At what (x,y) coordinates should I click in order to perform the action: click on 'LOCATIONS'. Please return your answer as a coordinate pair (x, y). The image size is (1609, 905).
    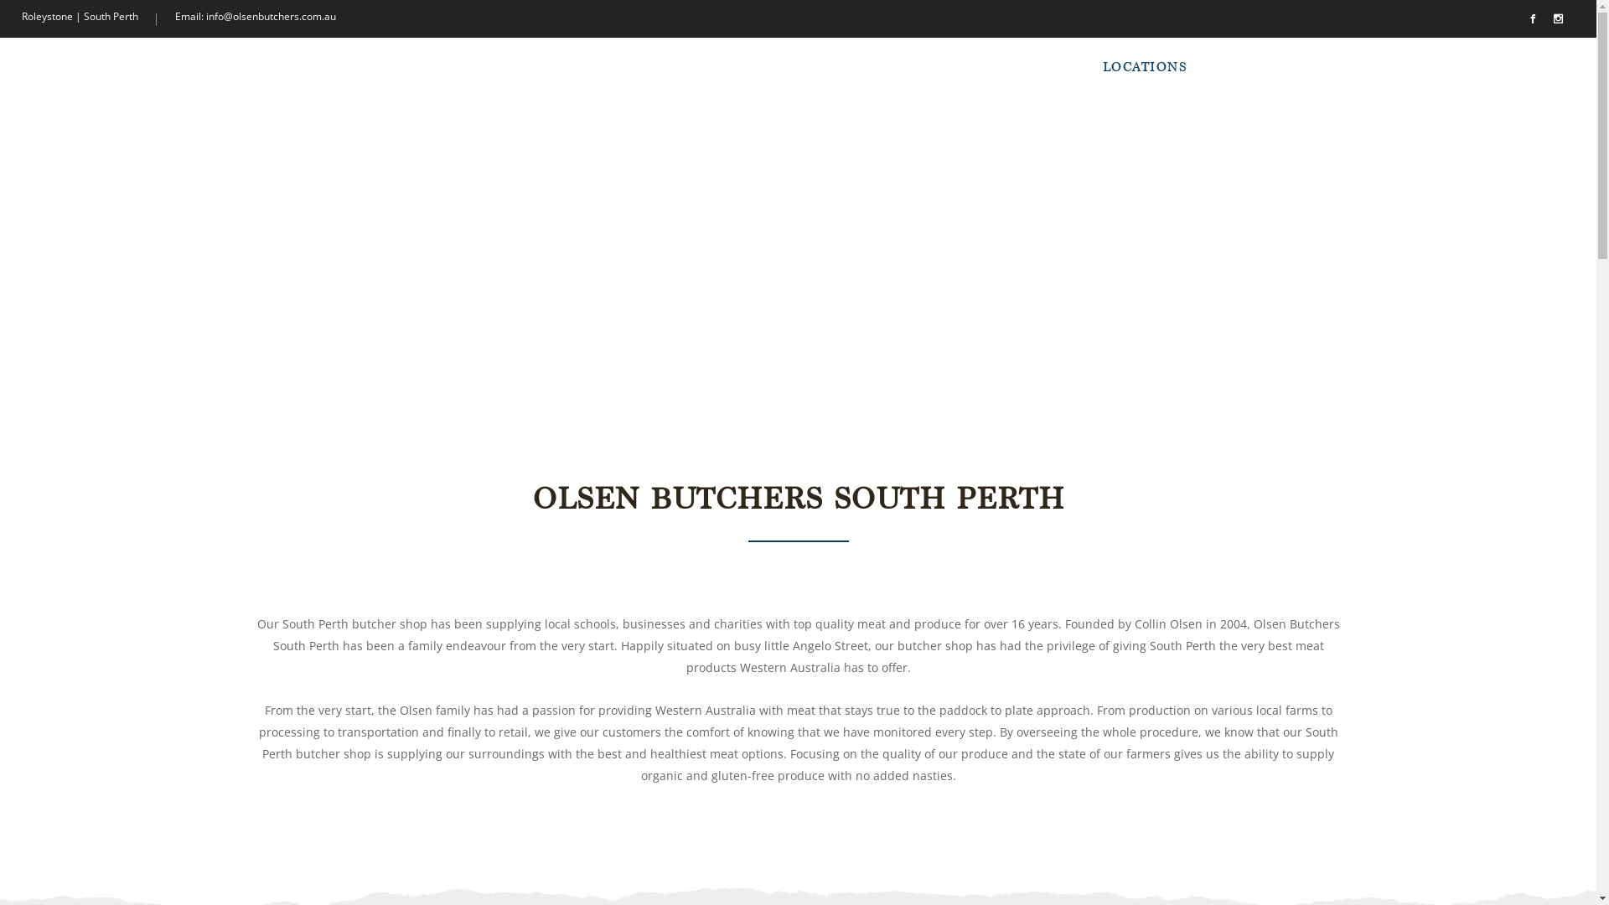
    Looking at the image, I should click on (1144, 65).